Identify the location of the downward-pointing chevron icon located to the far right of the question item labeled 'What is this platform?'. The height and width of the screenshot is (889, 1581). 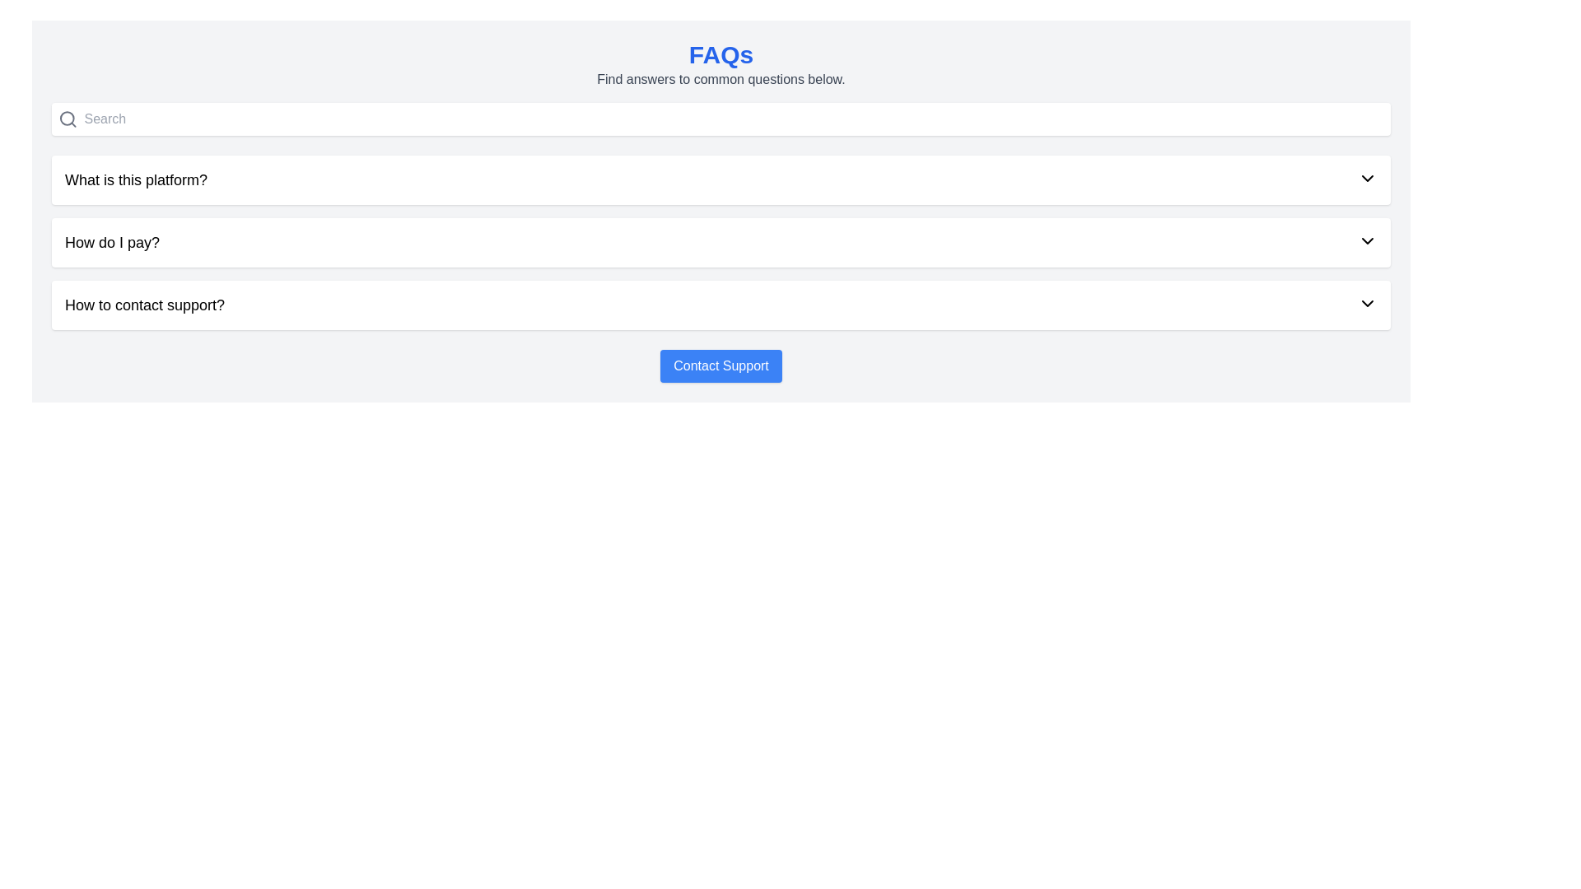
(1367, 178).